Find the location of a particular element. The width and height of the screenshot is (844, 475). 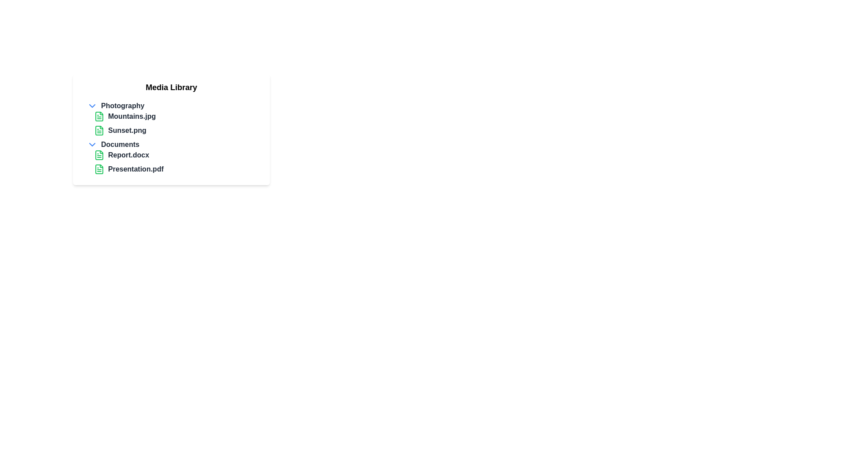

the Chevron Down icon is located at coordinates (92, 144).